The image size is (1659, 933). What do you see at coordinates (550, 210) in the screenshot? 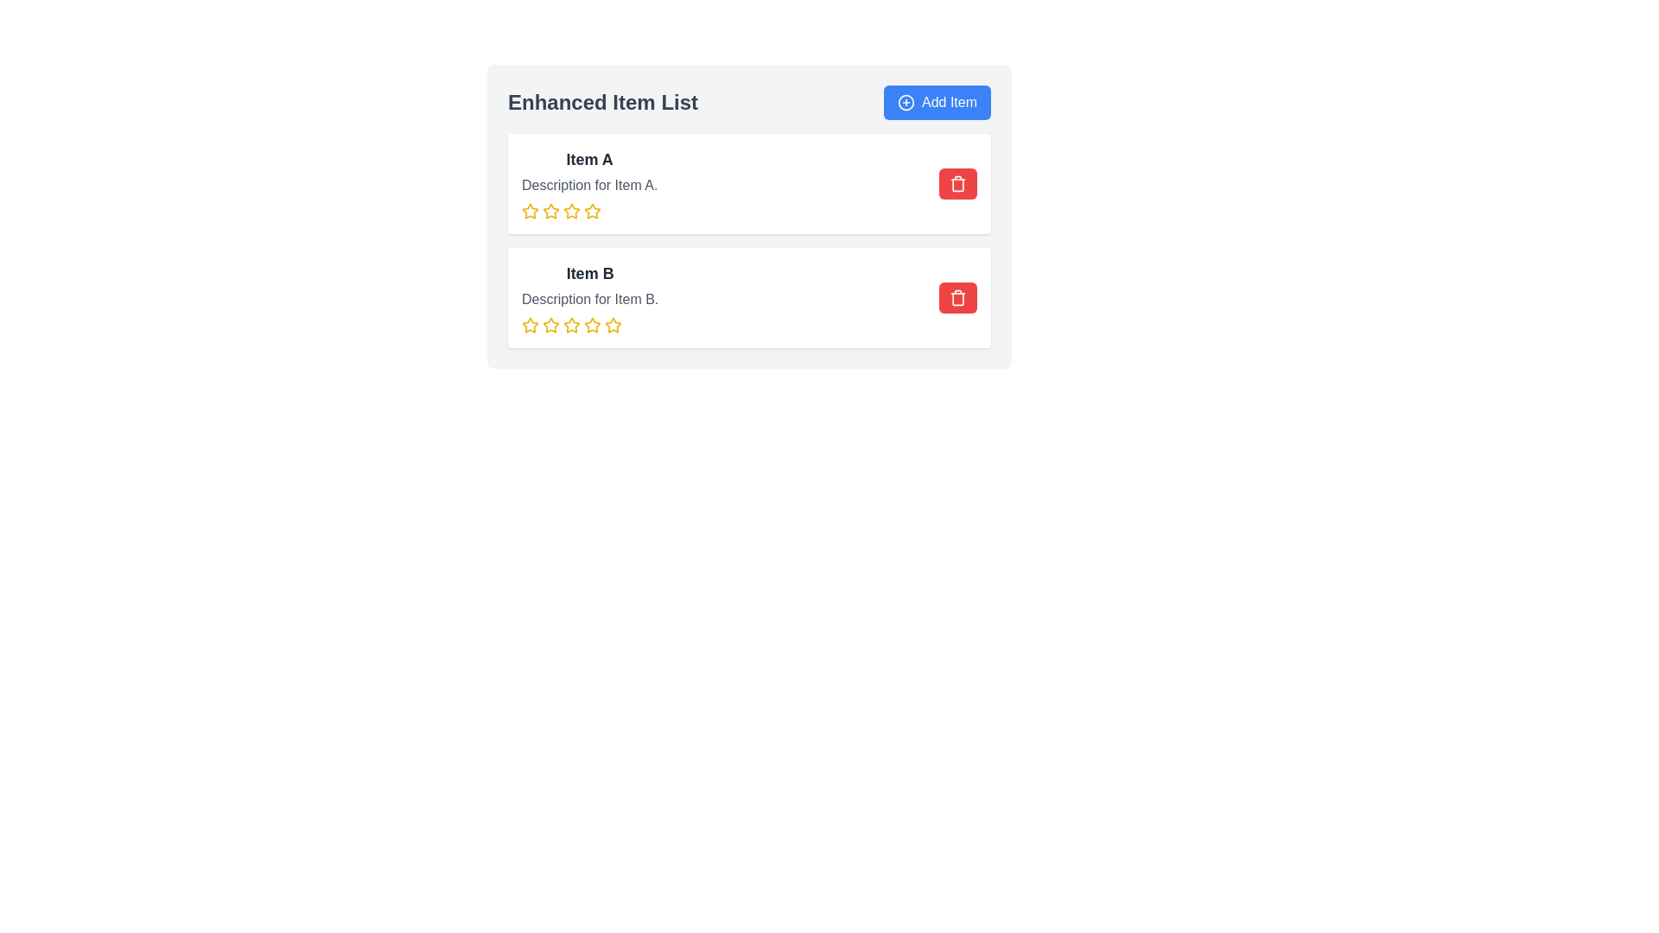
I see `the second yellow star icon in the rating section of 'Item A'` at bounding box center [550, 210].